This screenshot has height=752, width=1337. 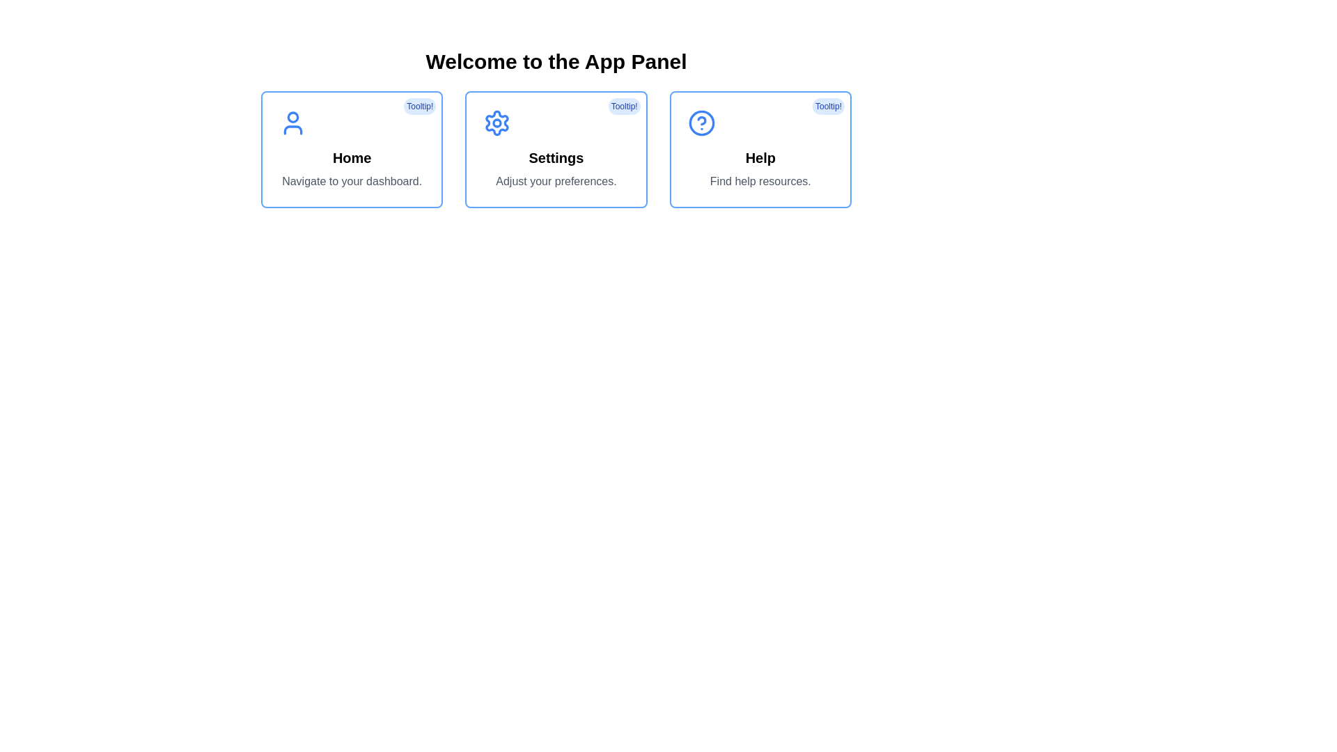 I want to click on the Text Label in the Help section, which is positioned below the question mark icon and above the text 'Find help resources', so click(x=760, y=157).